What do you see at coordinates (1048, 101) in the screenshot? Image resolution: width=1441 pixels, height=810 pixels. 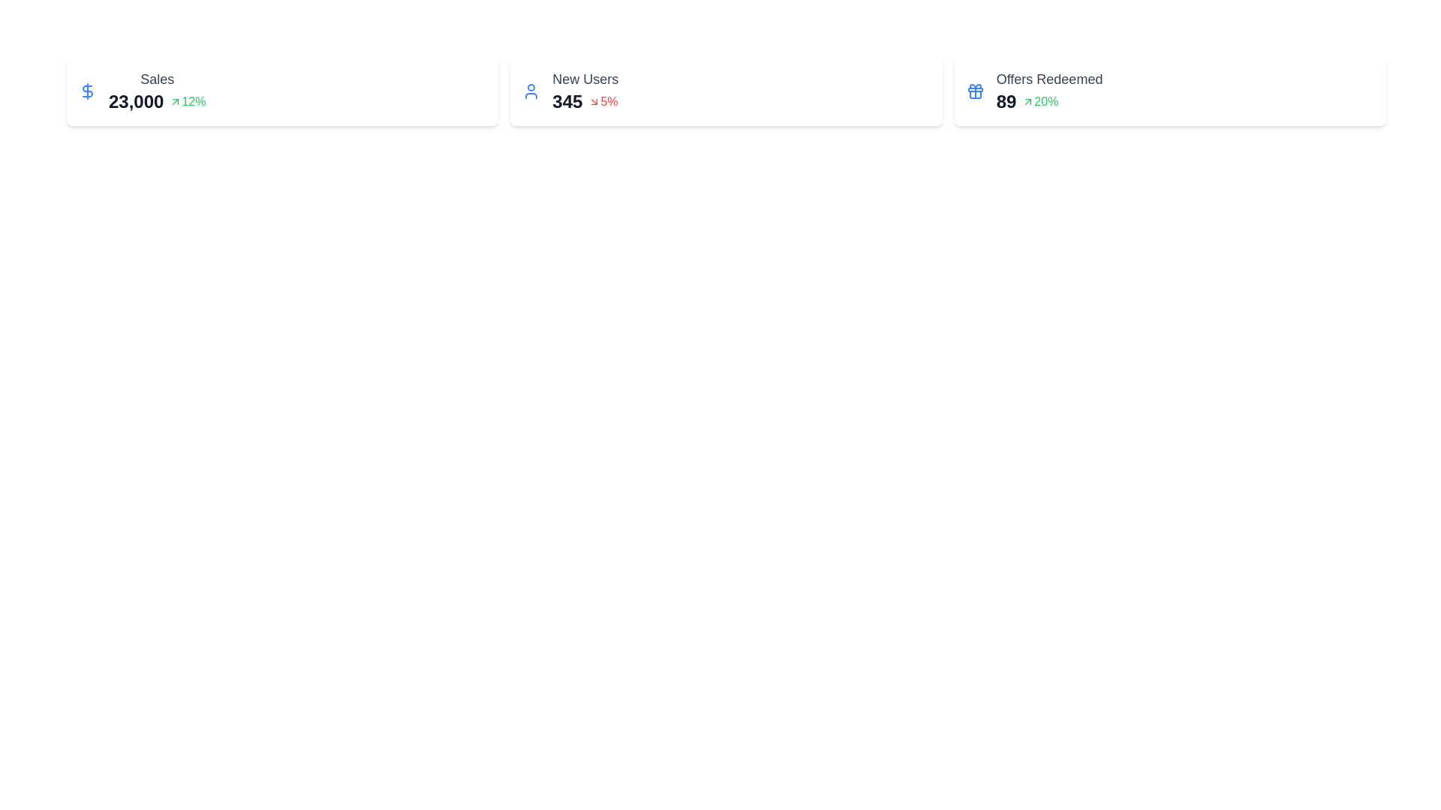 I see `the compound statistic display showing the numeric value '89' and green '20%' growth indicator located within the 'Offers Redeemed' card on the dashboard` at bounding box center [1048, 101].